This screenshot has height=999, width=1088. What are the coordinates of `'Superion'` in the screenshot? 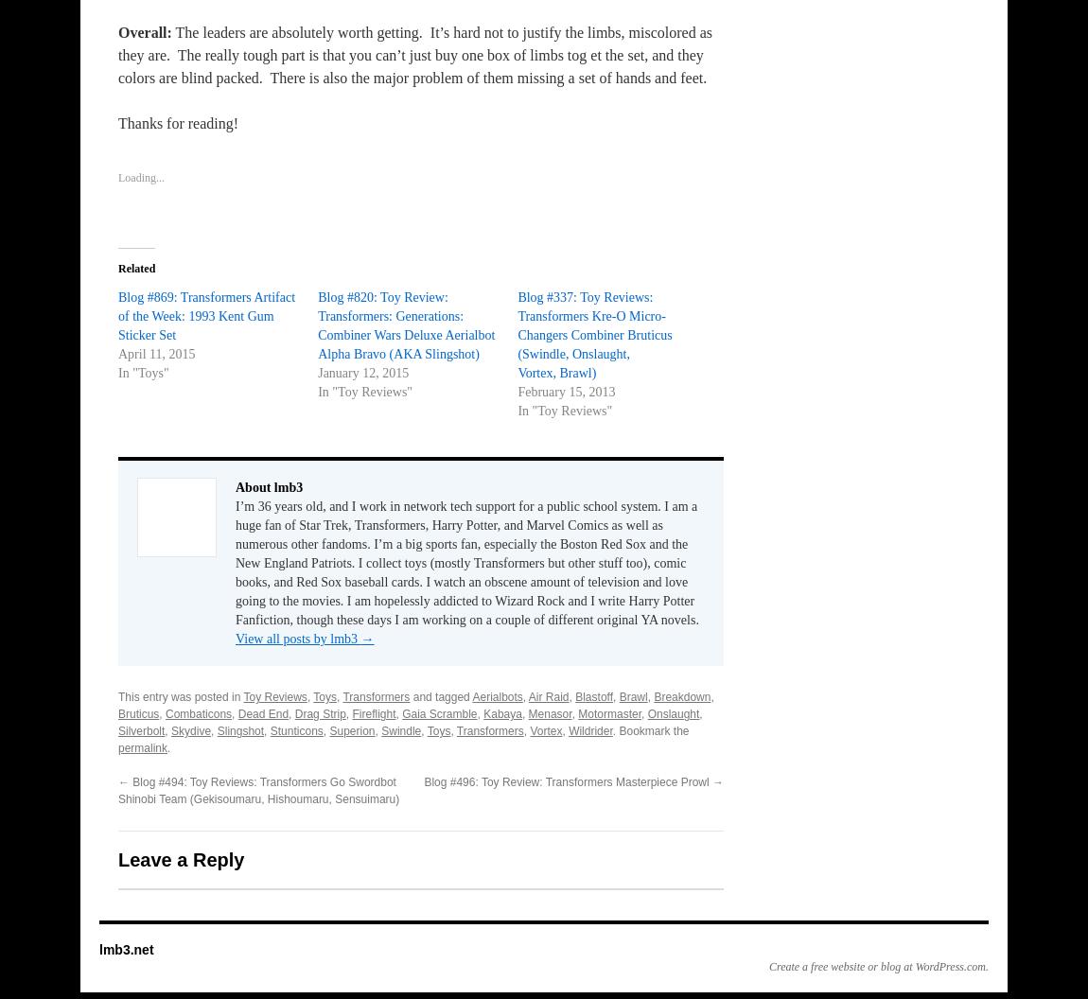 It's located at (328, 729).